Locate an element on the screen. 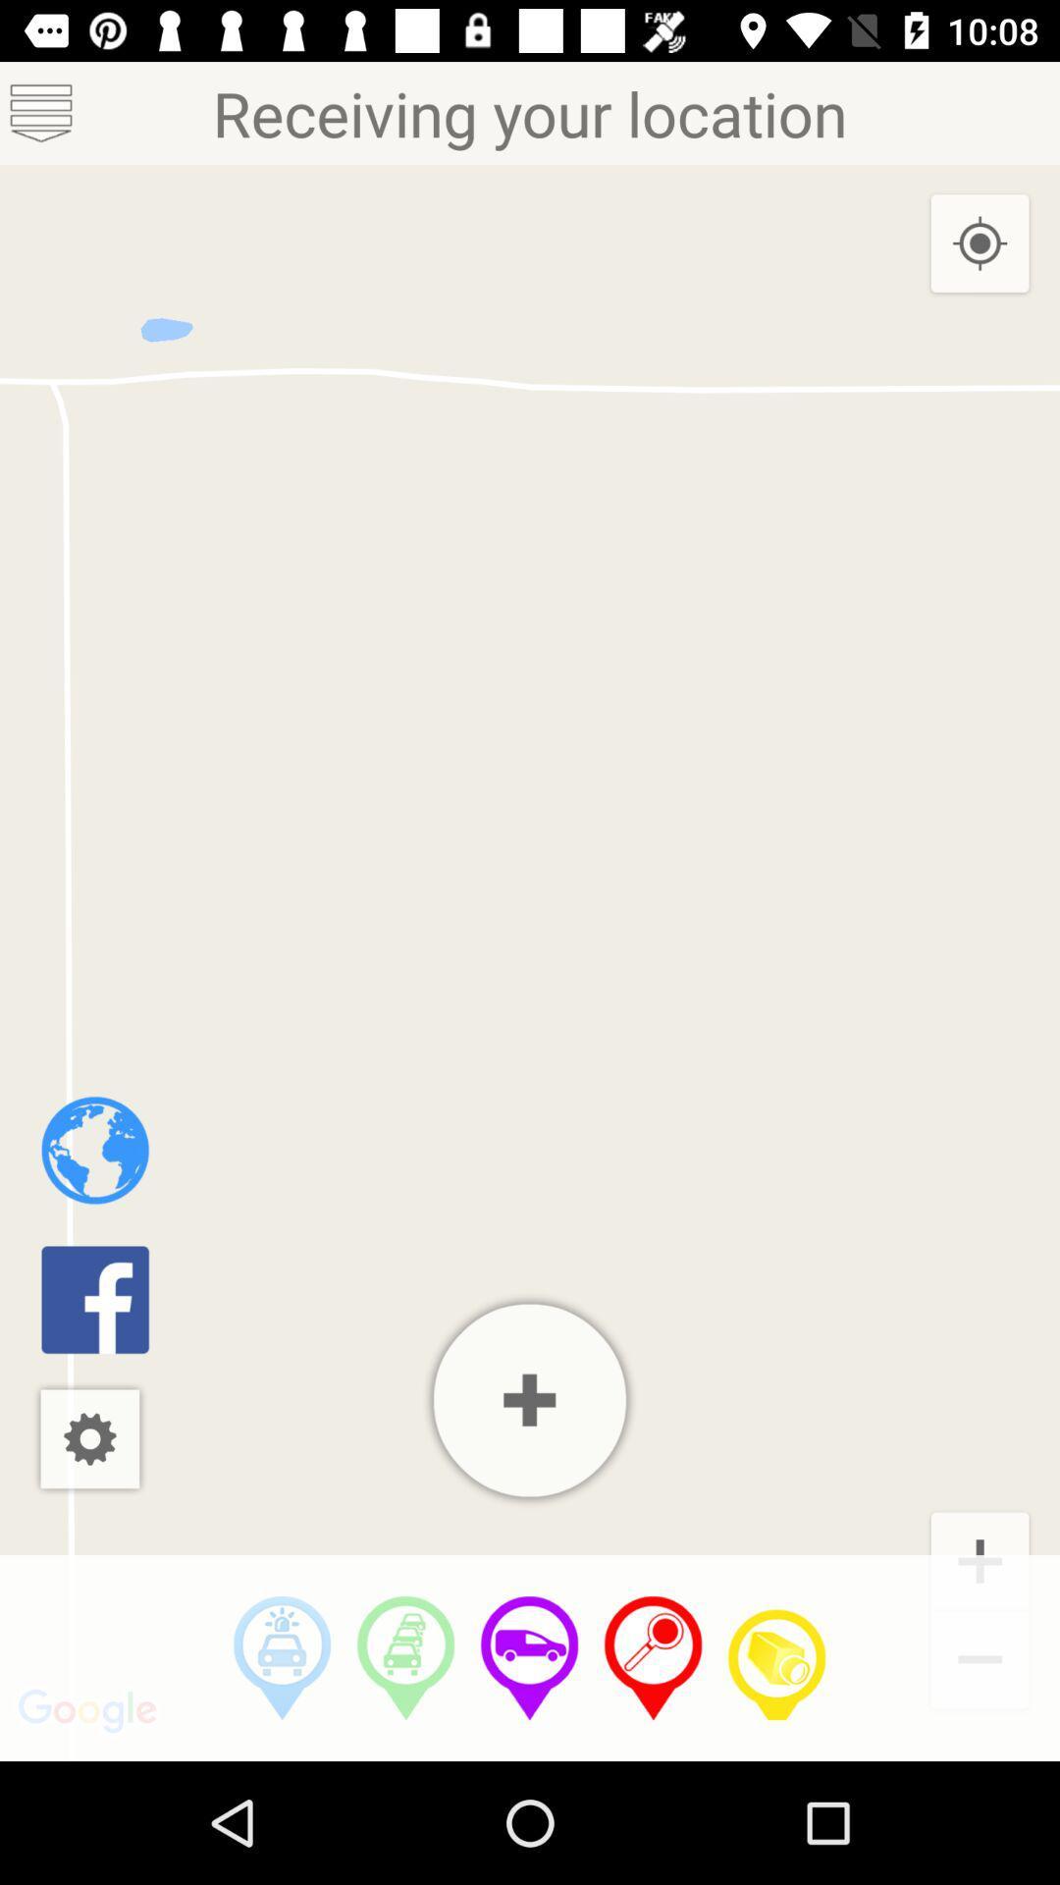 This screenshot has height=1885, width=1060. settings is located at coordinates (89, 1438).